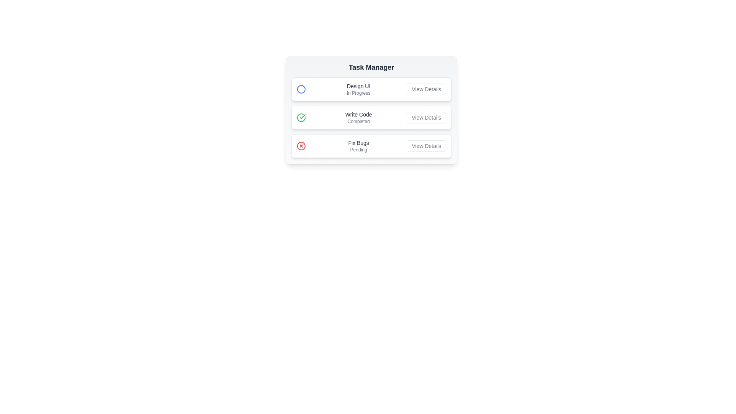  Describe the element at coordinates (426, 89) in the screenshot. I see `the 'View Details' button for the task 'Design UI'` at that location.